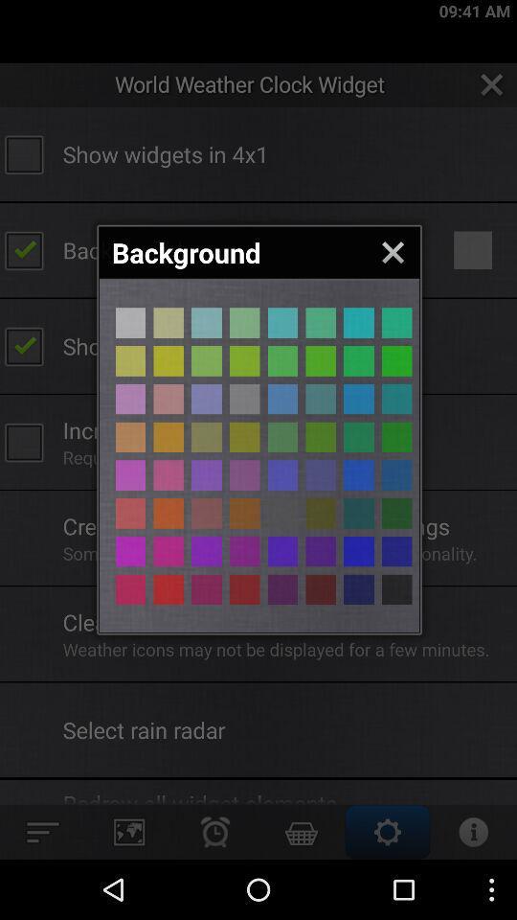  I want to click on lilac background, so click(129, 398).